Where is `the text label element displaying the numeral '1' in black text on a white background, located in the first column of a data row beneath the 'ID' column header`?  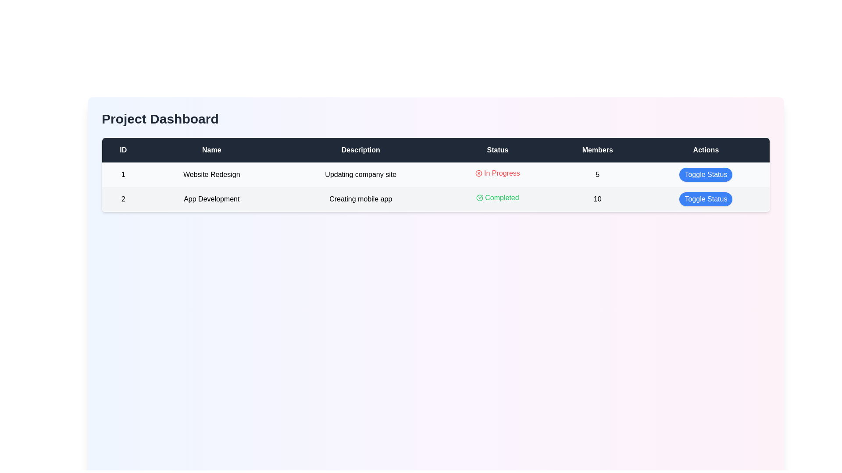
the text label element displaying the numeral '1' in black text on a white background, located in the first column of a data row beneath the 'ID' column header is located at coordinates (122, 174).